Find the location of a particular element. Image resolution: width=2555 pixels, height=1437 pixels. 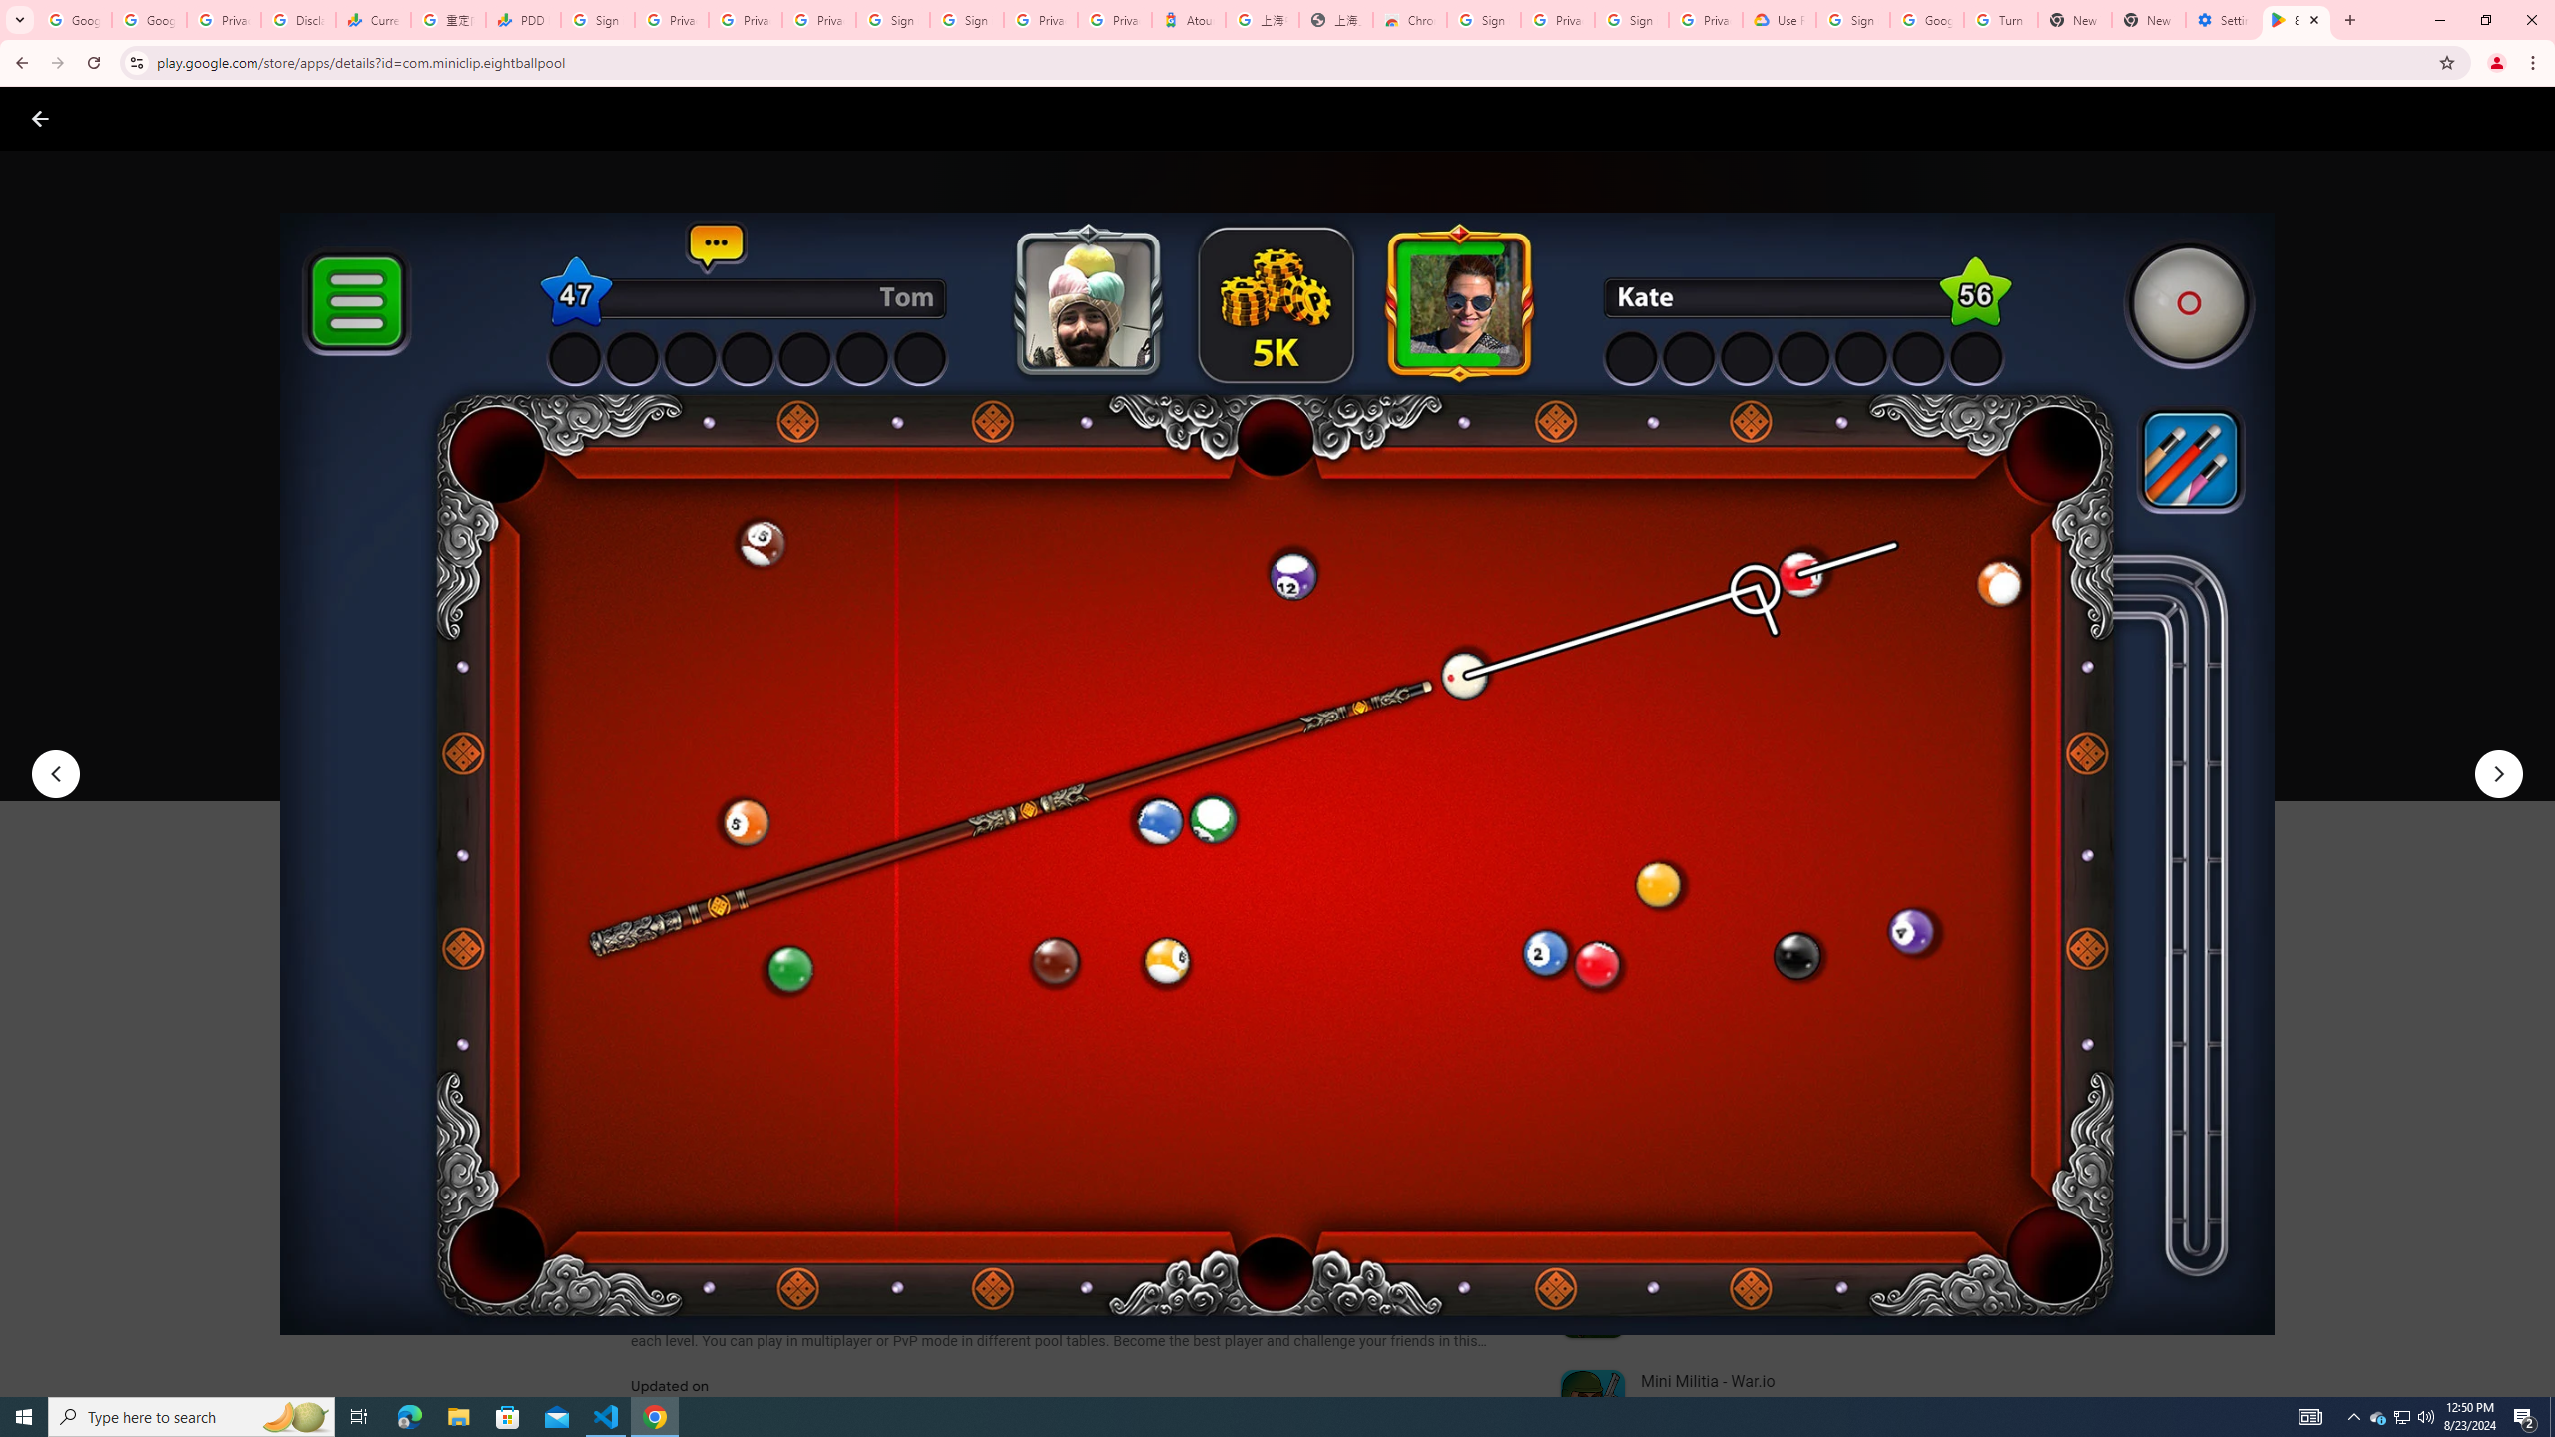

'Currencies - Google Finance' is located at coordinates (371, 19).